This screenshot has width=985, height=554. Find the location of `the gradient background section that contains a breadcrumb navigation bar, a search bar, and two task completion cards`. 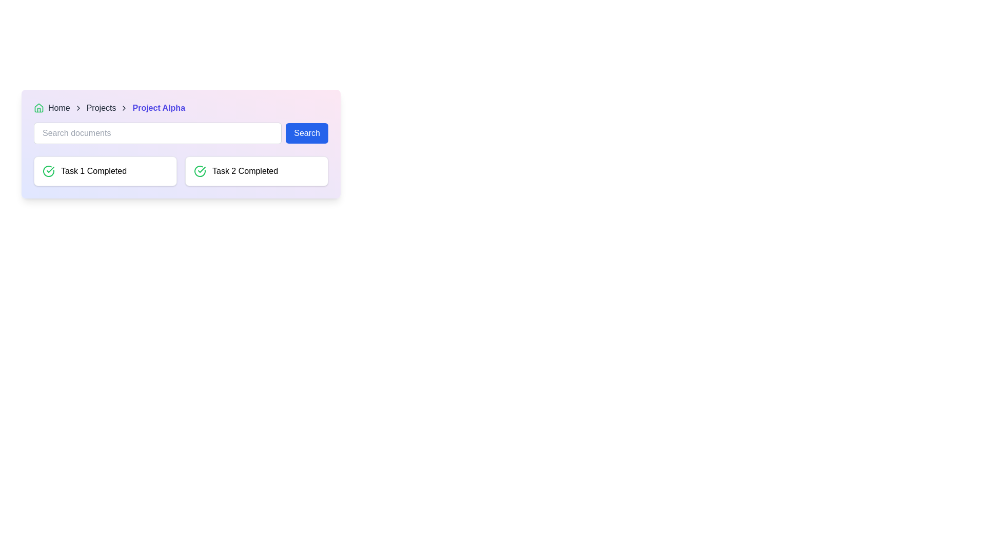

the gradient background section that contains a breadcrumb navigation bar, a search bar, and two task completion cards is located at coordinates (181, 144).